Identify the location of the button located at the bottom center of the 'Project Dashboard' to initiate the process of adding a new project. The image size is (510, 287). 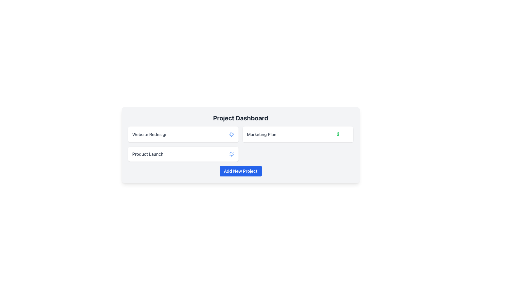
(240, 171).